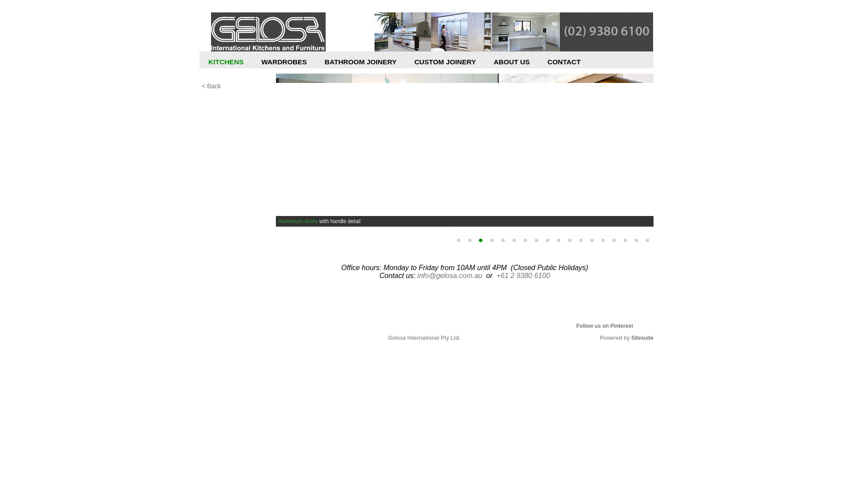  Describe the element at coordinates (237, 86) in the screenshot. I see `'< Back'` at that location.